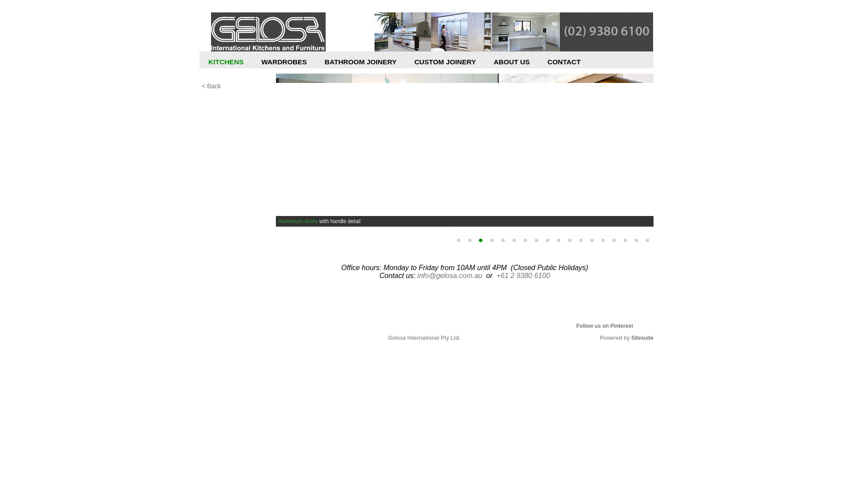  Describe the element at coordinates (237, 86) in the screenshot. I see `'< Back'` at that location.